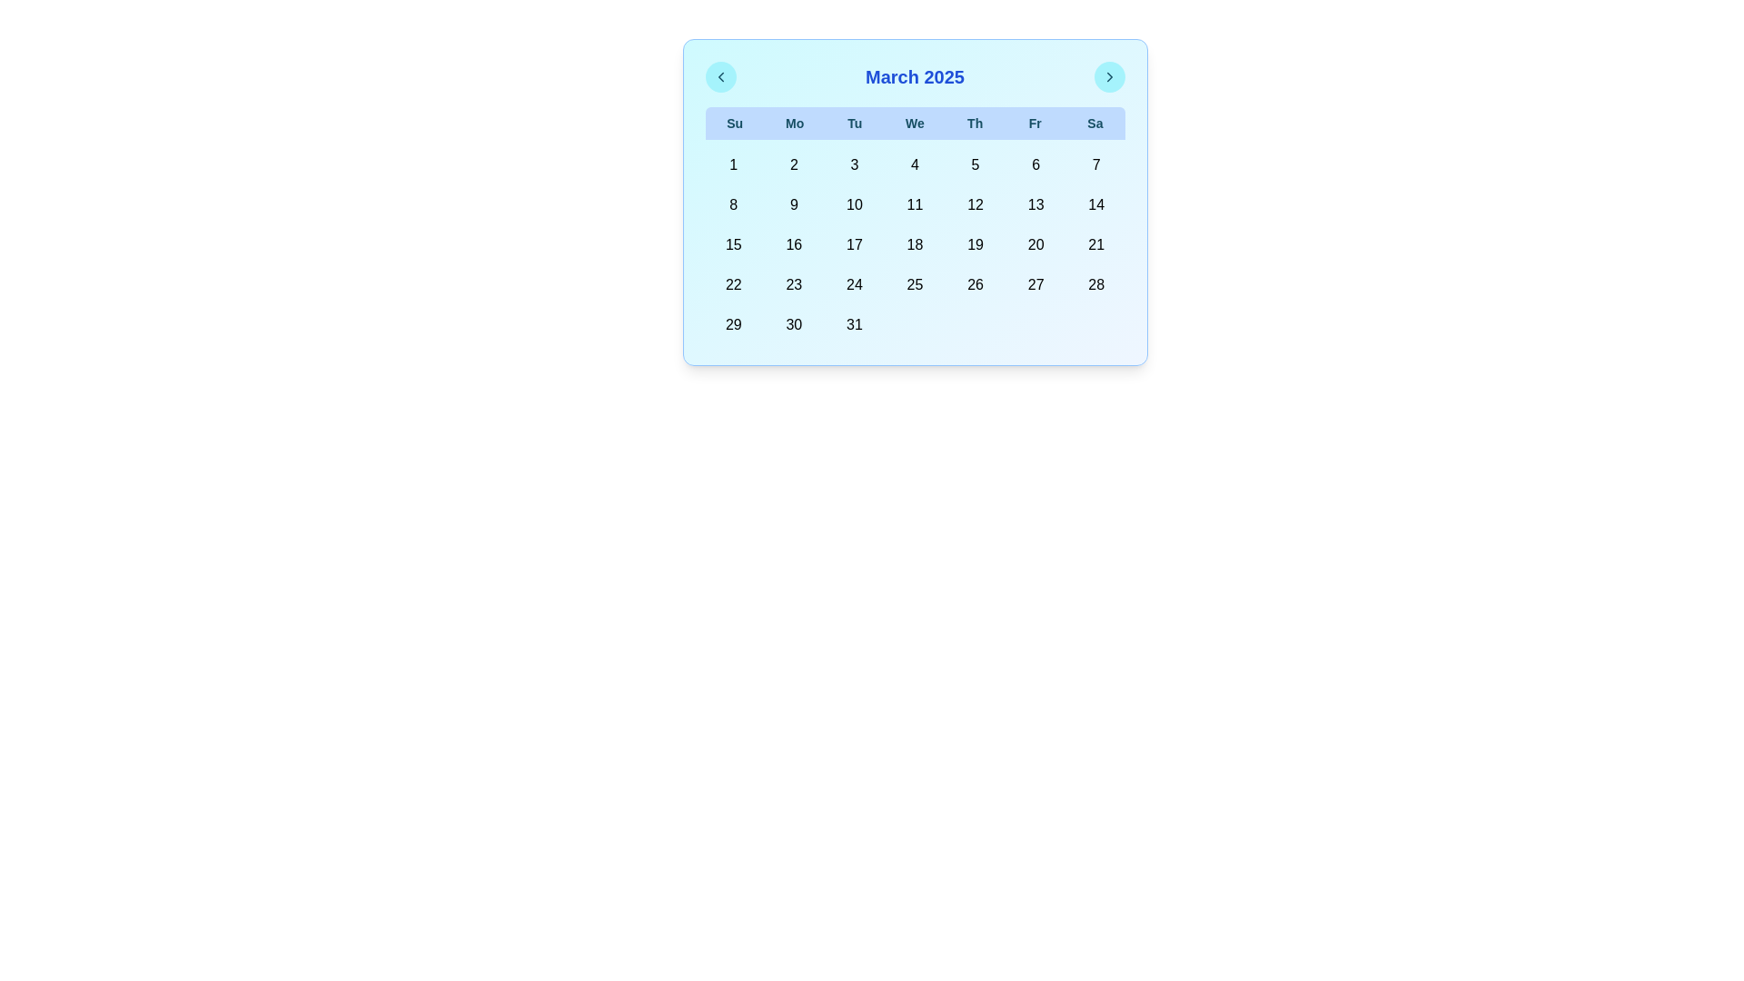 The image size is (1744, 981). What do you see at coordinates (795, 123) in the screenshot?
I see `the Day header label displaying 'Mo' in a calendar interface, which is styled in cyan-blue and positioned between 'Su' and 'Tu'` at bounding box center [795, 123].